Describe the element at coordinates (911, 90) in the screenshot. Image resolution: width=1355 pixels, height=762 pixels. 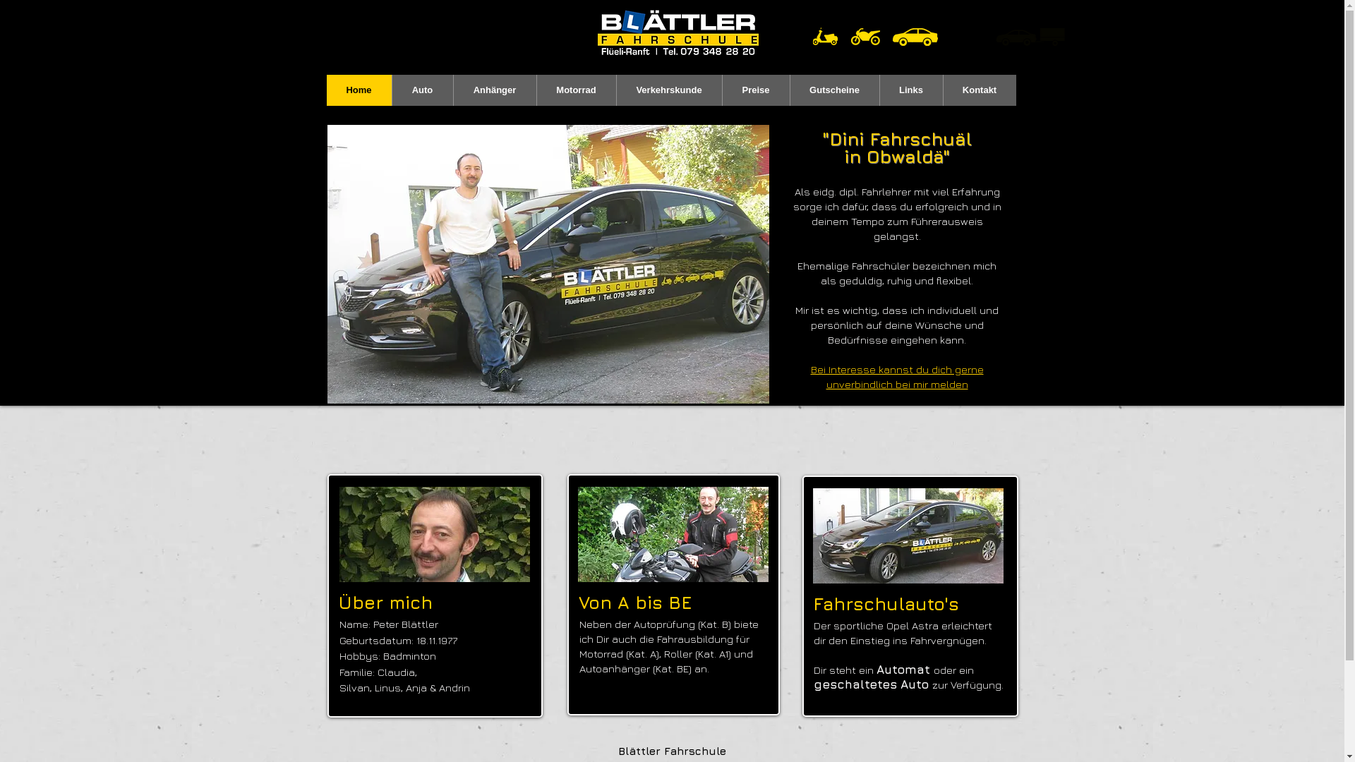
I see `'Links'` at that location.